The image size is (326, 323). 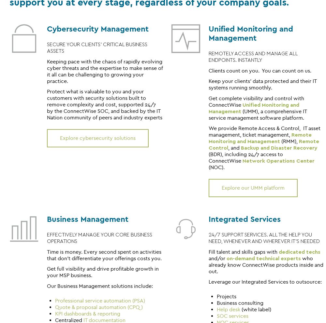 What do you see at coordinates (278, 161) in the screenshot?
I see `'Network Operations Center'` at bounding box center [278, 161].